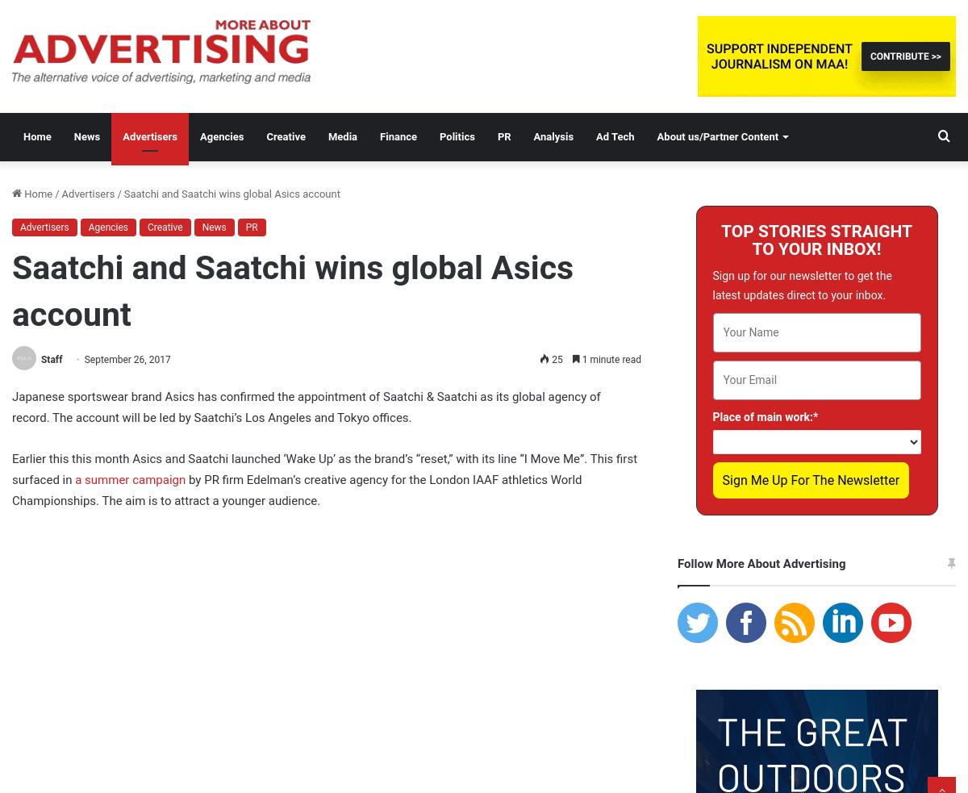 Image resolution: width=968 pixels, height=793 pixels. Describe the element at coordinates (816, 240) in the screenshot. I see `'TOP STORIES STRAIGHT TO YOUR INBOX!'` at that location.